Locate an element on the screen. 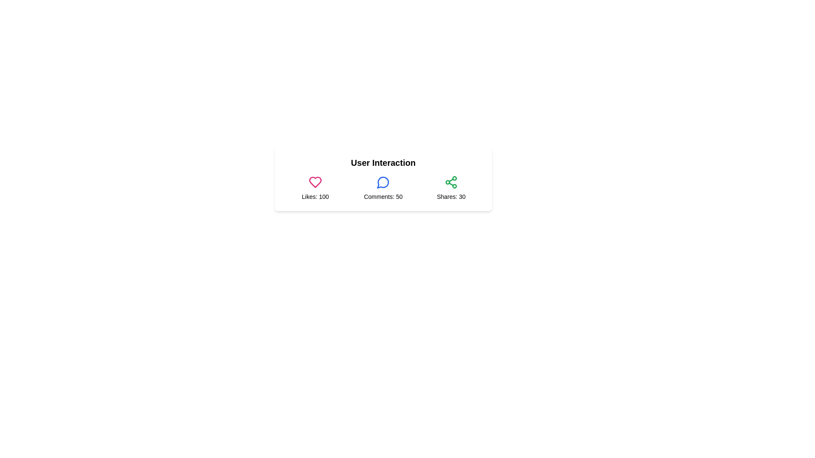  the blue circular speech bubble icon located above the 'Comments: 50' section, which is part of a group of three elements between 'Likes: 100' and 'Shares: 30' is located at coordinates (382, 182).